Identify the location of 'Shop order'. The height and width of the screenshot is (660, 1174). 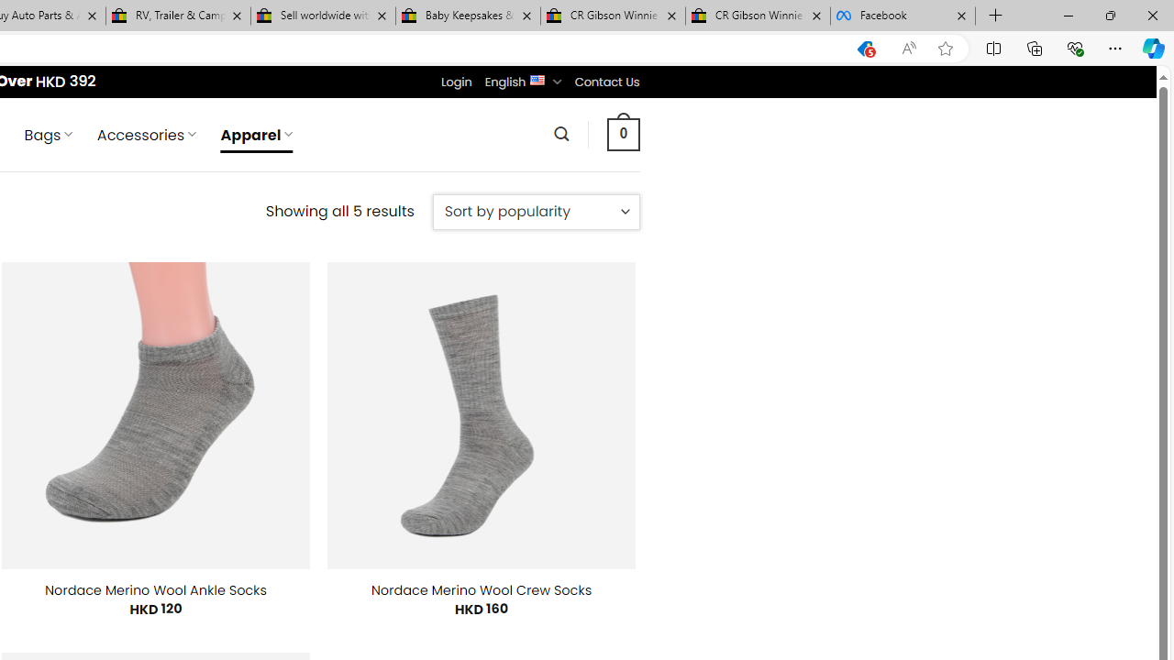
(535, 211).